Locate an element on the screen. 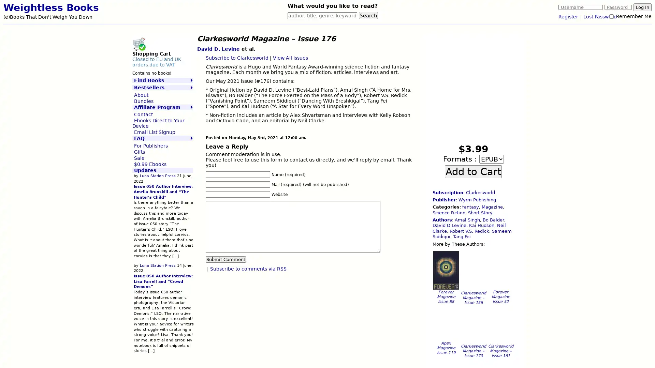  Submit Comment is located at coordinates (225, 259).